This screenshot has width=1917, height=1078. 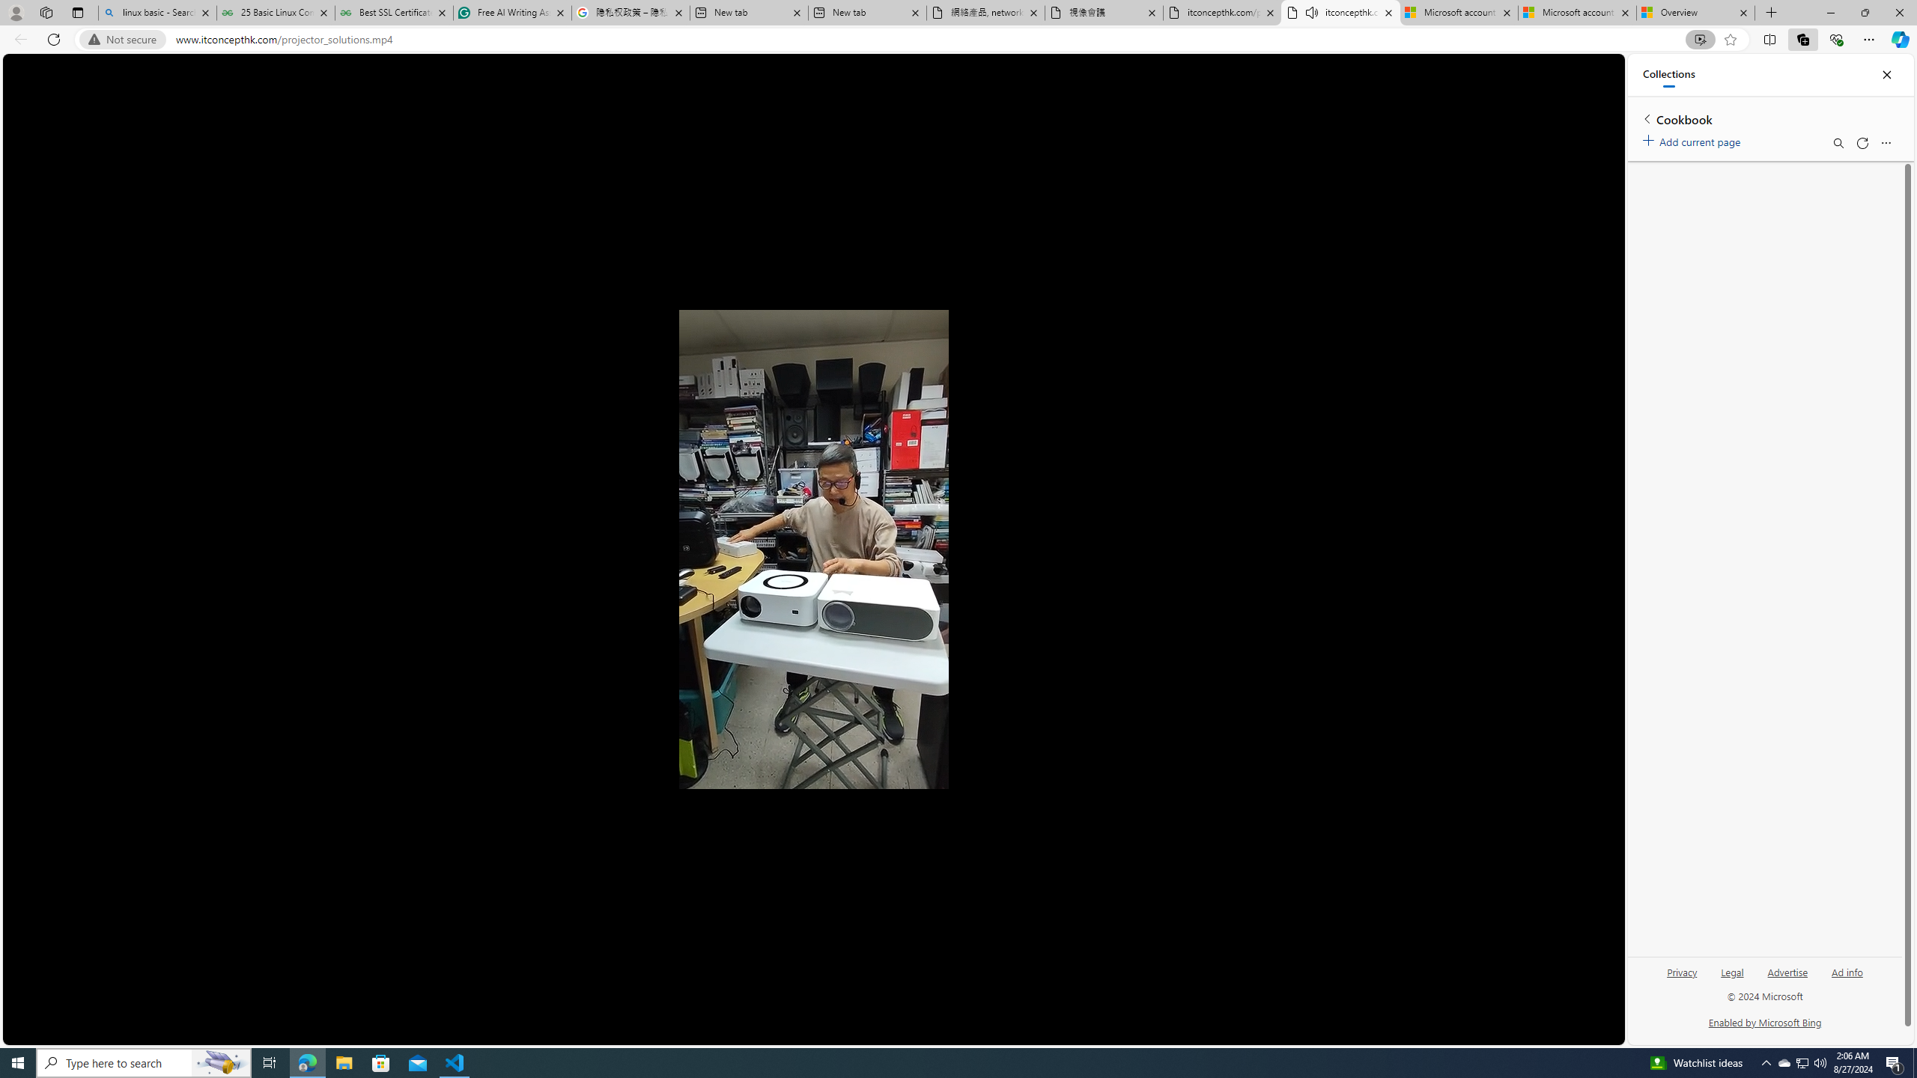 What do you see at coordinates (1886, 143) in the screenshot?
I see `'More options menu'` at bounding box center [1886, 143].